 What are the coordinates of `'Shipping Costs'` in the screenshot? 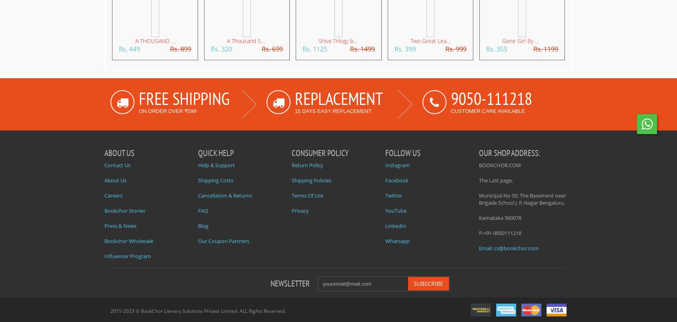 It's located at (198, 180).